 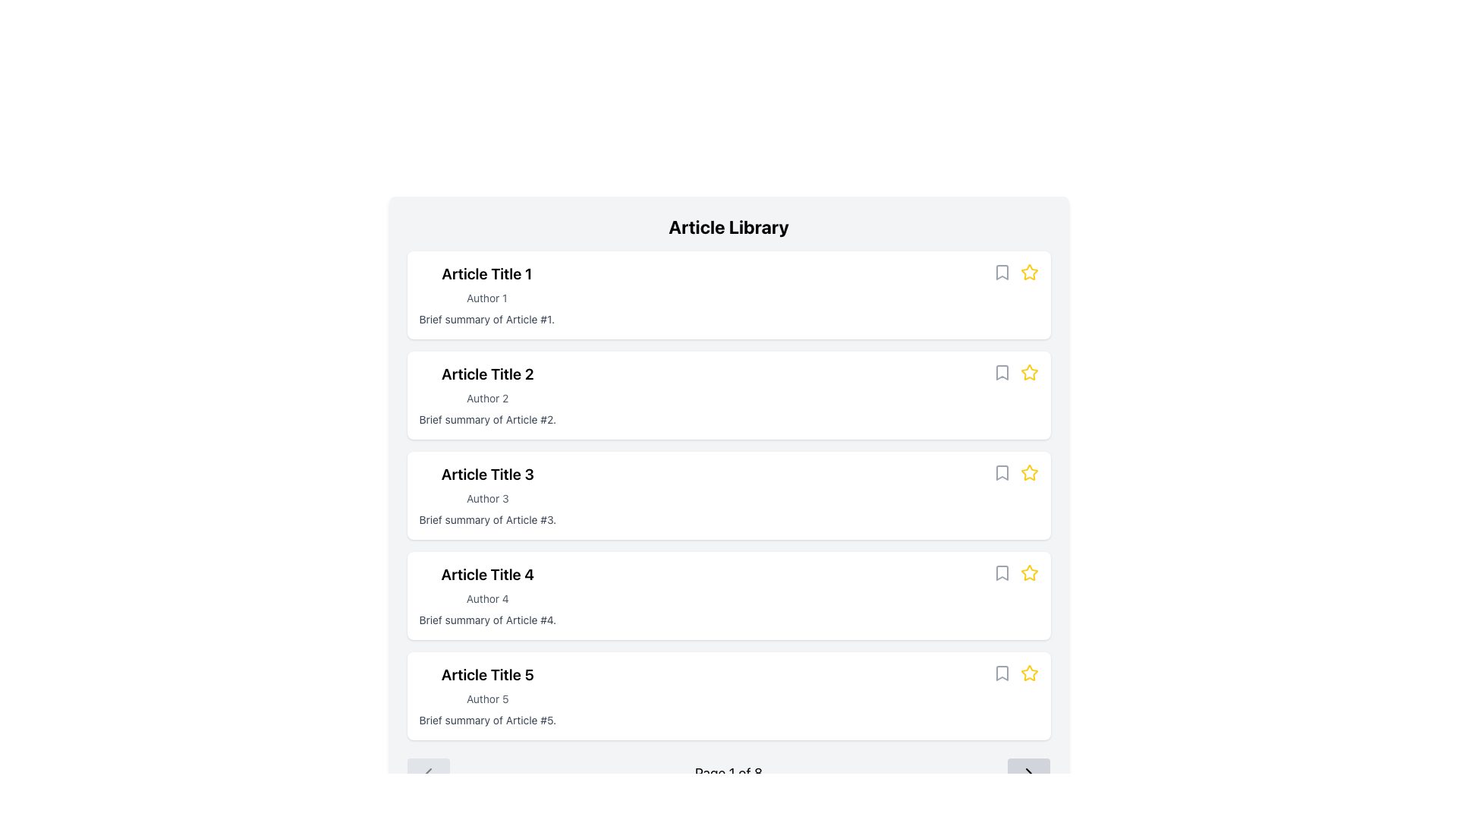 I want to click on text field displaying 'Brief summary of Article #5.' located at the bottom of Article #5's section, so click(x=487, y=719).